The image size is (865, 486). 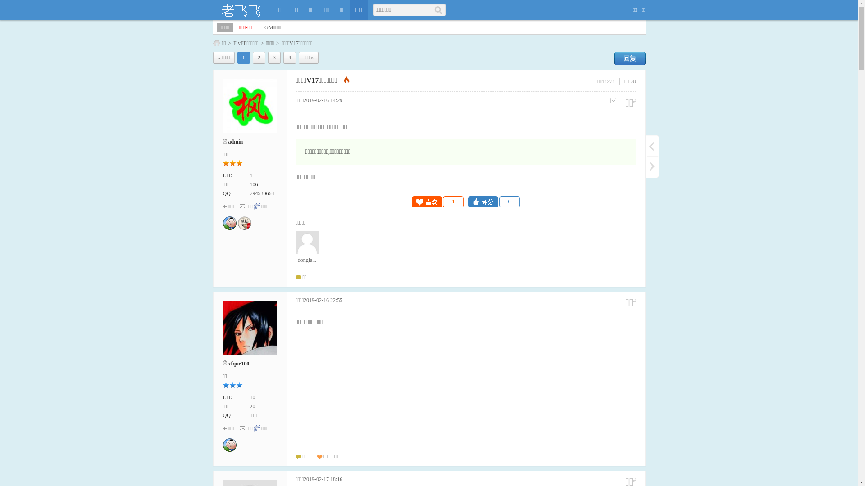 I want to click on 'admin', so click(x=235, y=142).